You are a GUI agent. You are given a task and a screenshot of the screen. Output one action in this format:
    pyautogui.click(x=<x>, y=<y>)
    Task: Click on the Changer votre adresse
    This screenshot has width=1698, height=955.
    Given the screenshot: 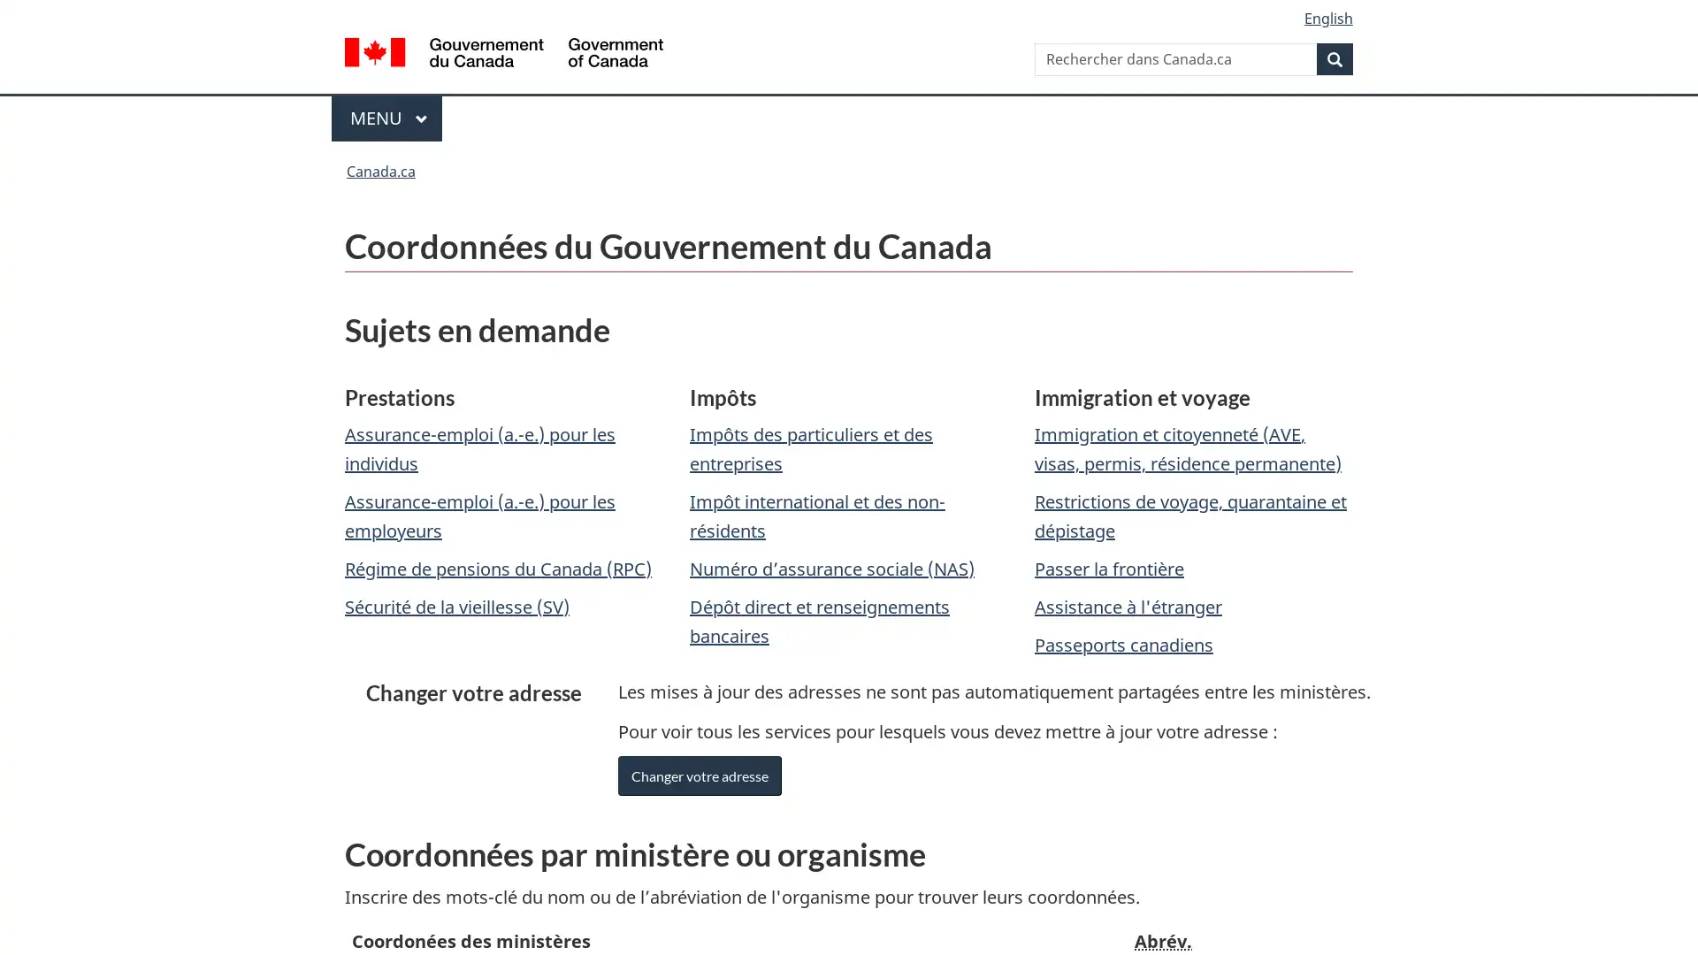 What is the action you would take?
    pyautogui.click(x=699, y=775)
    